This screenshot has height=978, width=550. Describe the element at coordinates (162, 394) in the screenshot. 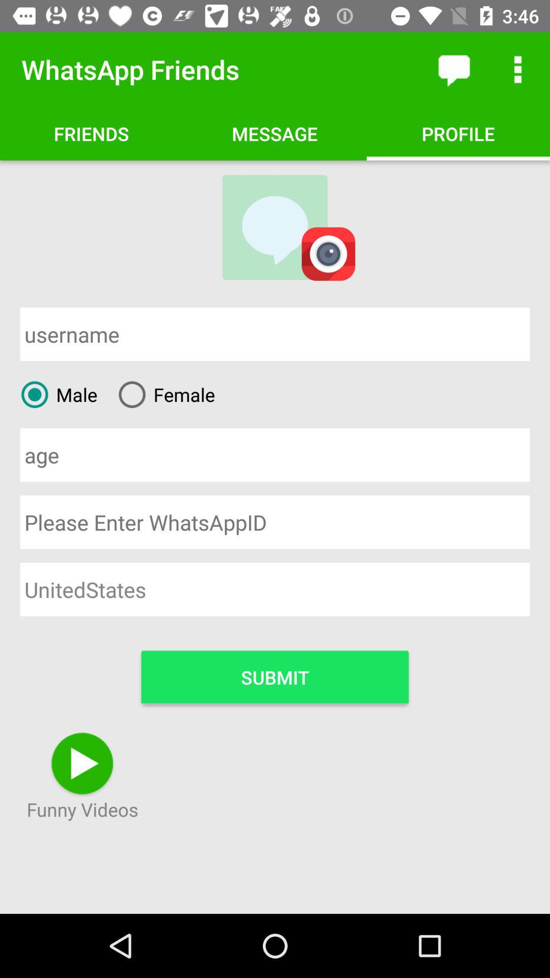

I see `the item to the right of male` at that location.